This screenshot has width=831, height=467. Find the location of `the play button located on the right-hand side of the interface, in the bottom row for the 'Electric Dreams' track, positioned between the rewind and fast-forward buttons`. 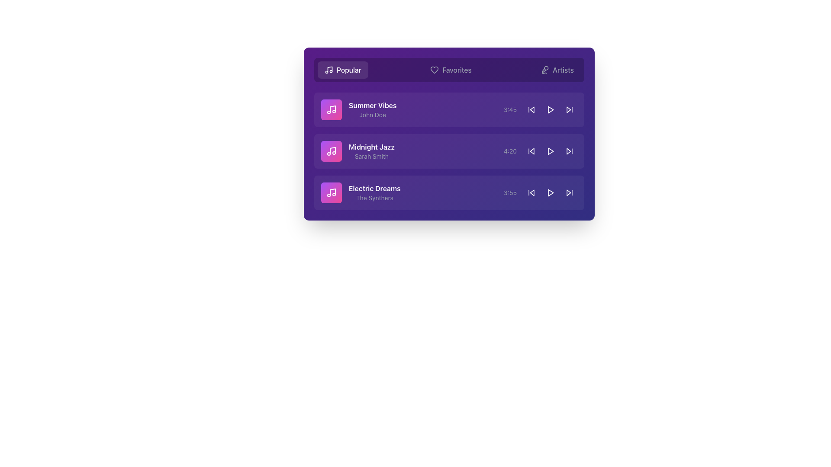

the play button located on the right-hand side of the interface, in the bottom row for the 'Electric Dreams' track, positioned between the rewind and fast-forward buttons is located at coordinates (550, 192).